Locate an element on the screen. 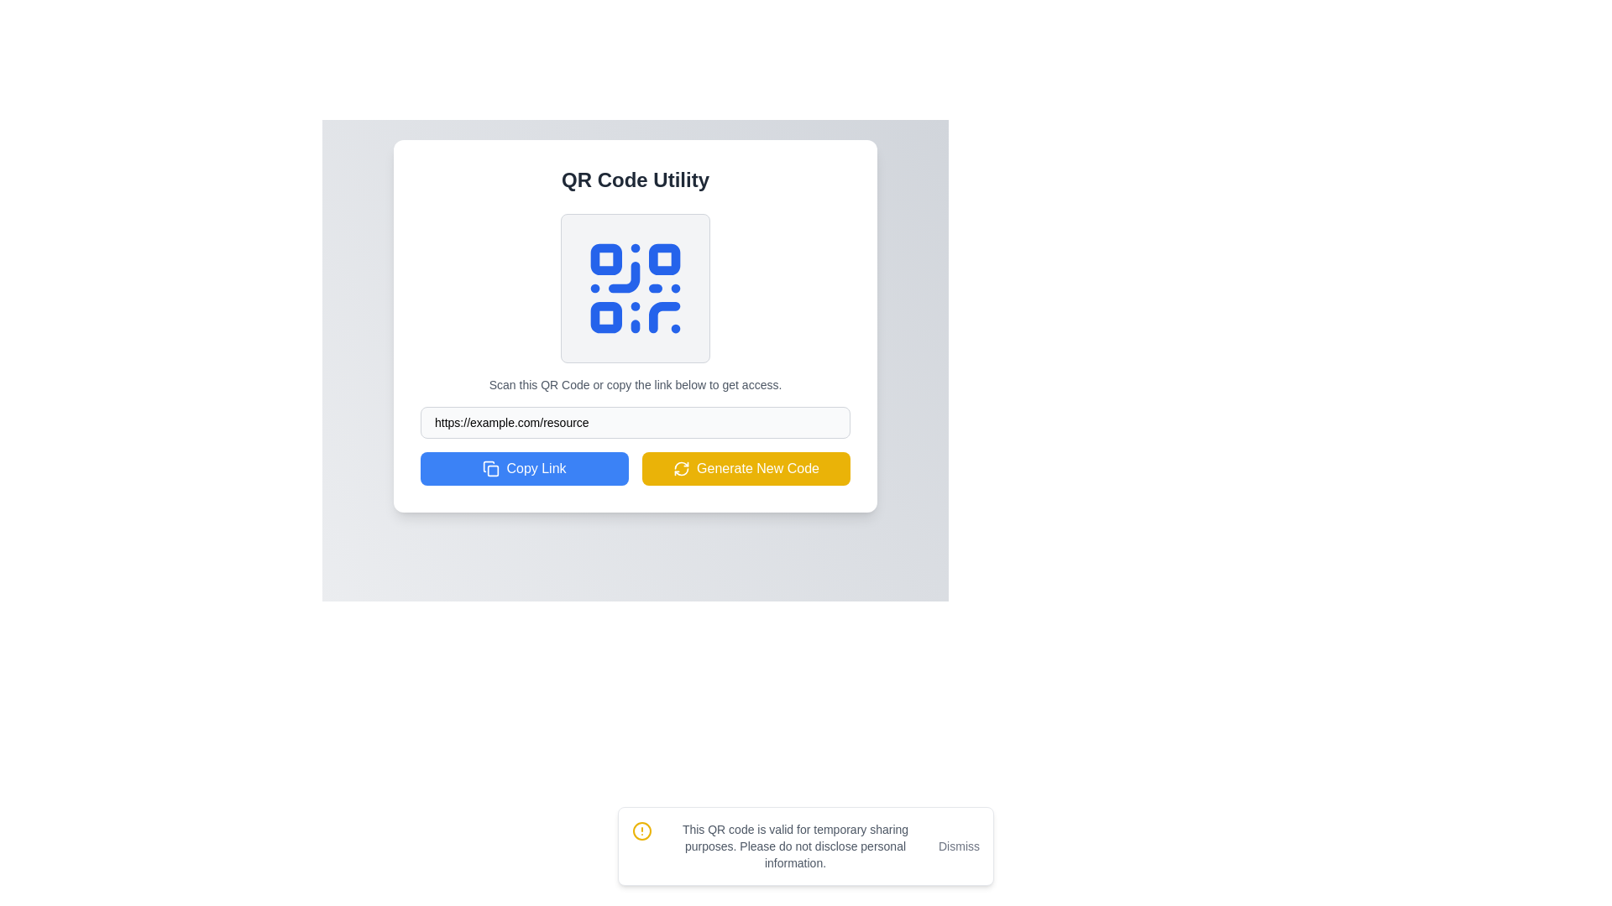  the visual component within the SVG QR code illustration, located in the bottom-right area of the QR code's layout is located at coordinates (663, 317).